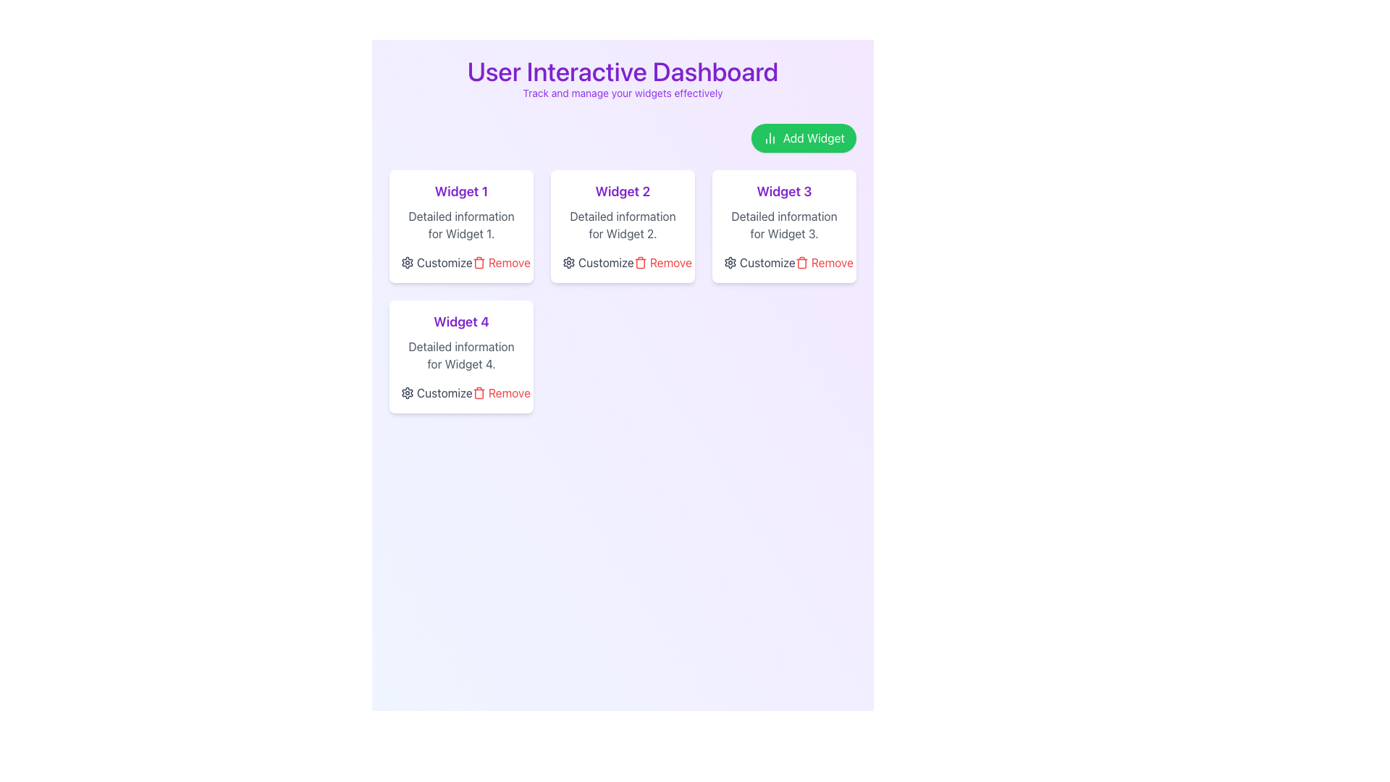  I want to click on text of the Text Header located at the top-center of the dashboard page, which provides an understanding of the page's purpose and functionality, so click(623, 72).